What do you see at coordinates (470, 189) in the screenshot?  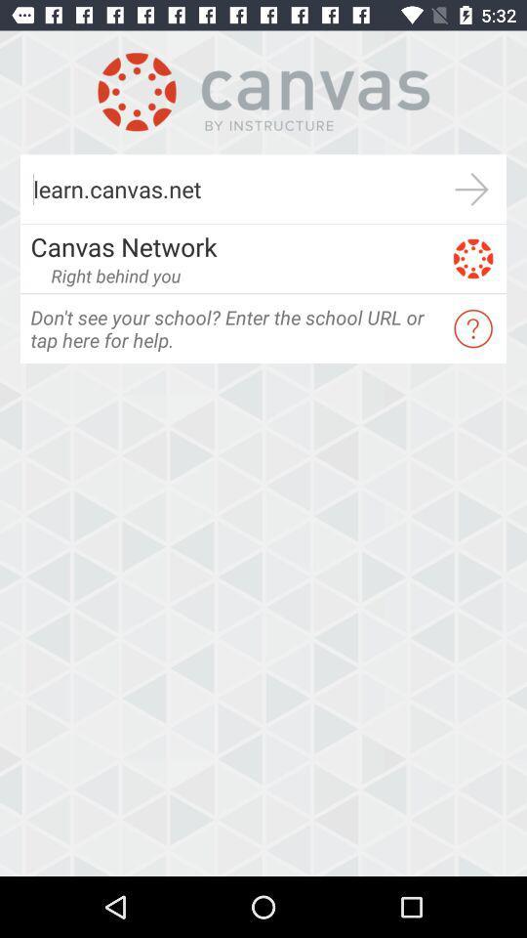 I see `go` at bounding box center [470, 189].